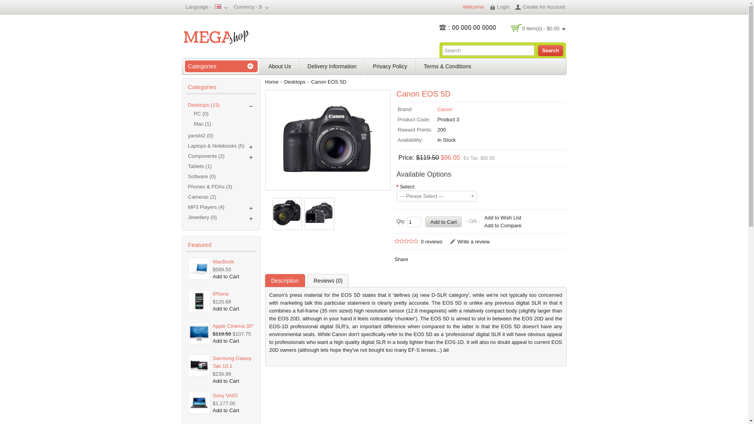  I want to click on 'Create An Account', so click(539, 7).